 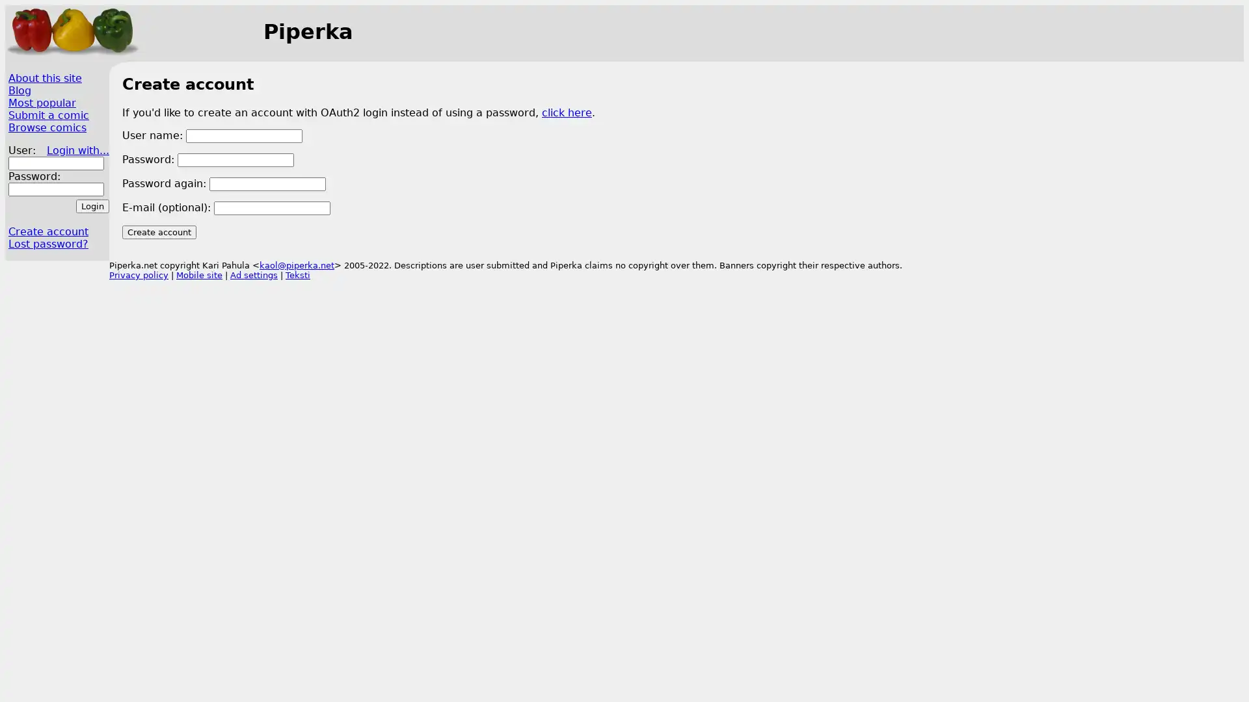 What do you see at coordinates (92, 205) in the screenshot?
I see `Login` at bounding box center [92, 205].